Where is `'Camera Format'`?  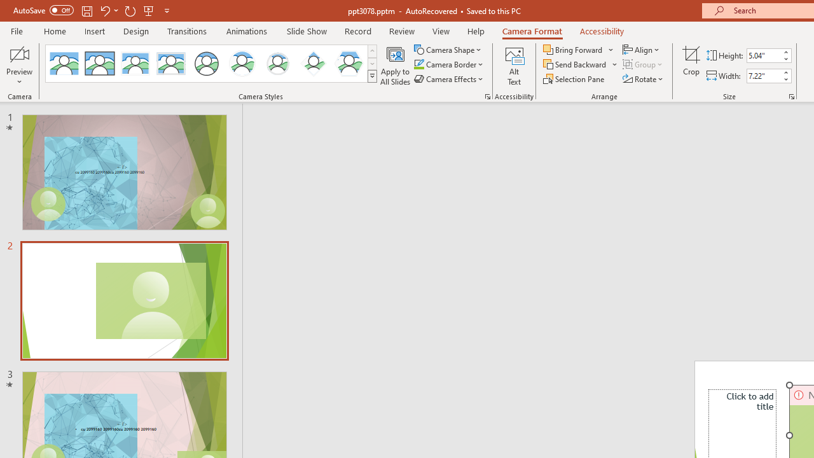
'Camera Format' is located at coordinates (532, 31).